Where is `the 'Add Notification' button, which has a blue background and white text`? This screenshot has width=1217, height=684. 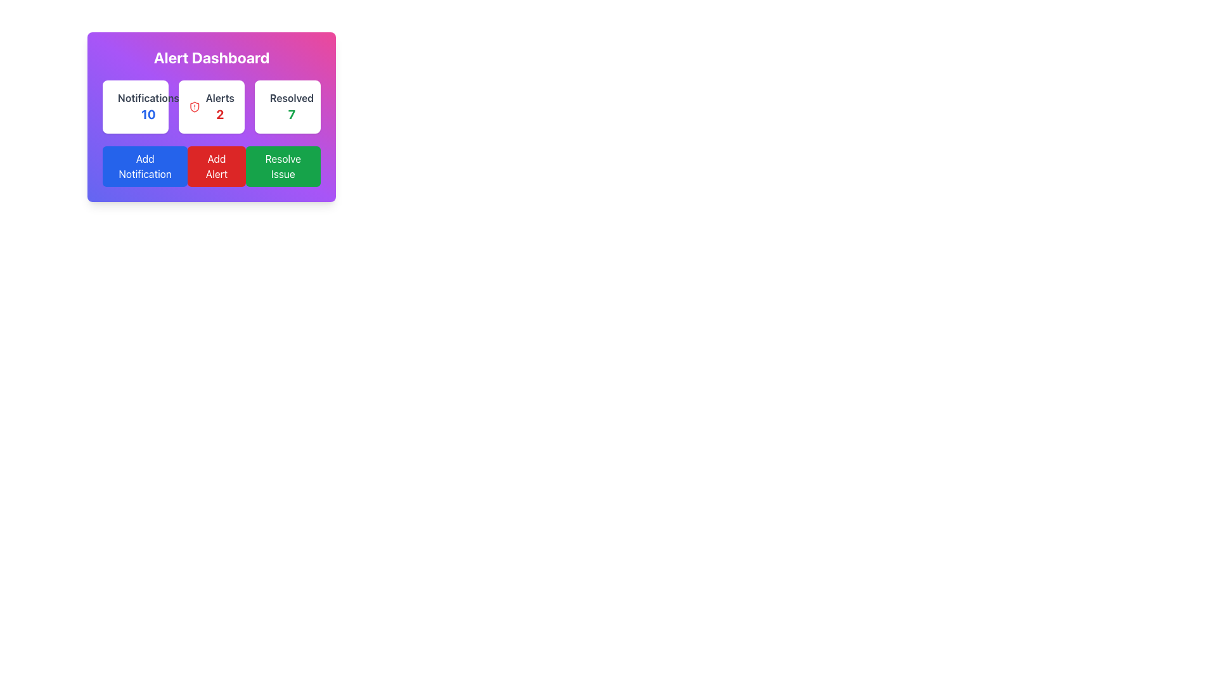 the 'Add Notification' button, which has a blue background and white text is located at coordinates (145, 165).